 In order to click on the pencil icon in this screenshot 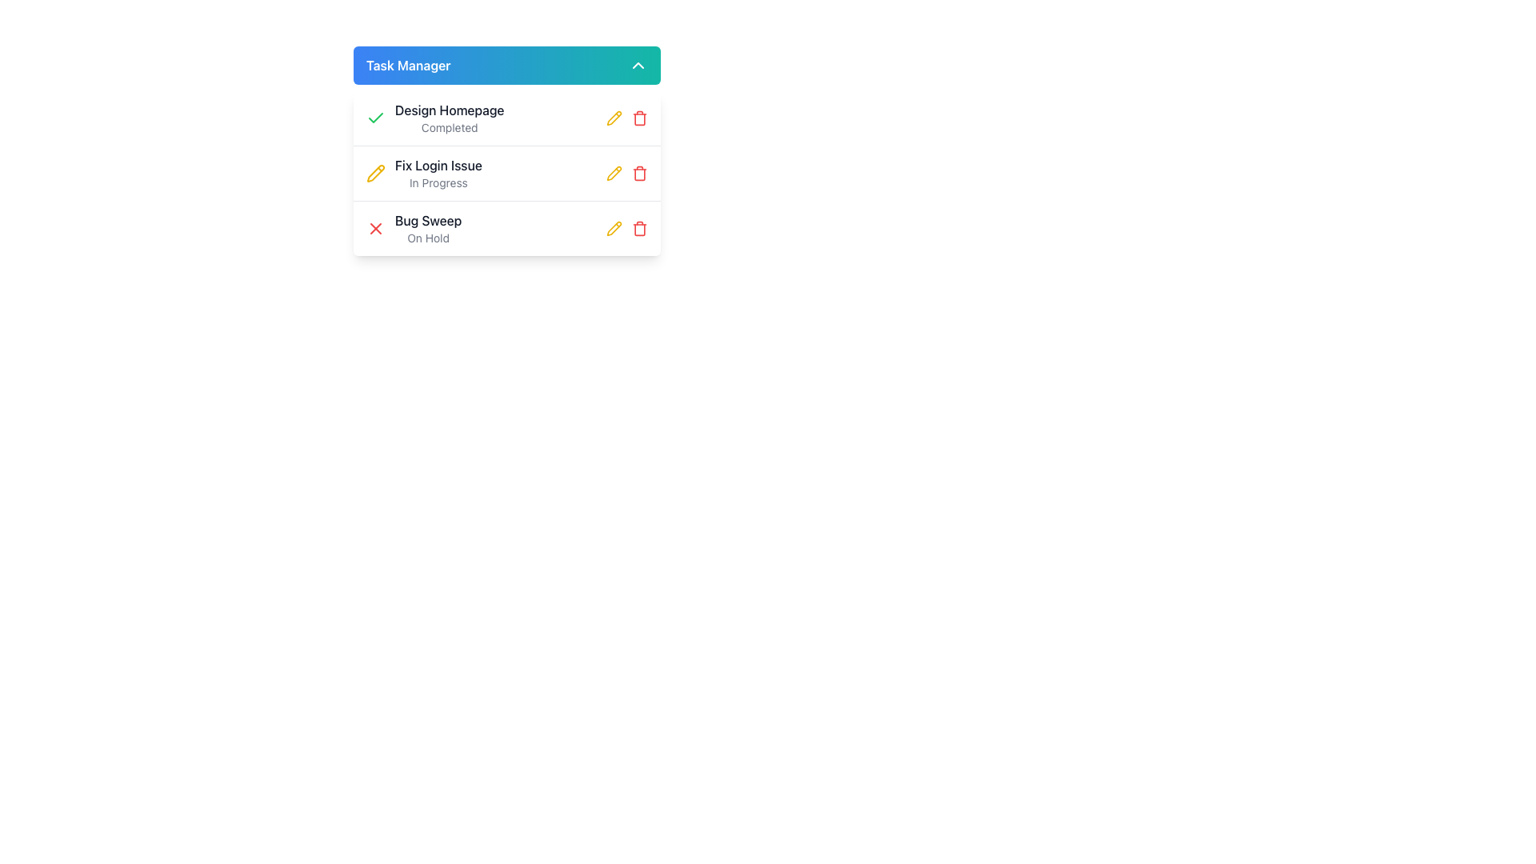, I will do `click(614, 117)`.